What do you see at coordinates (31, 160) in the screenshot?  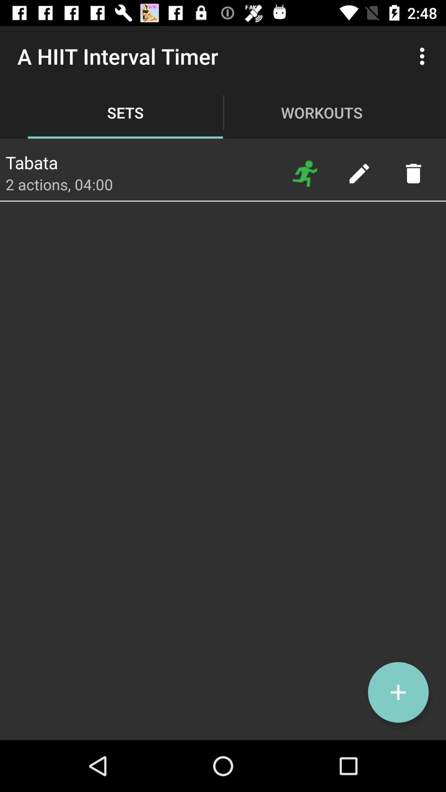 I see `item above the 2 actions 04 icon` at bounding box center [31, 160].